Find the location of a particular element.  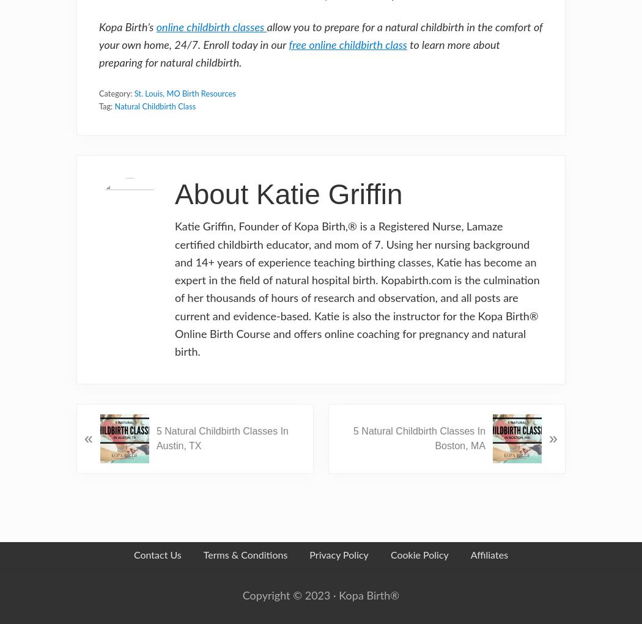

'Affiliates' is located at coordinates (488, 555).